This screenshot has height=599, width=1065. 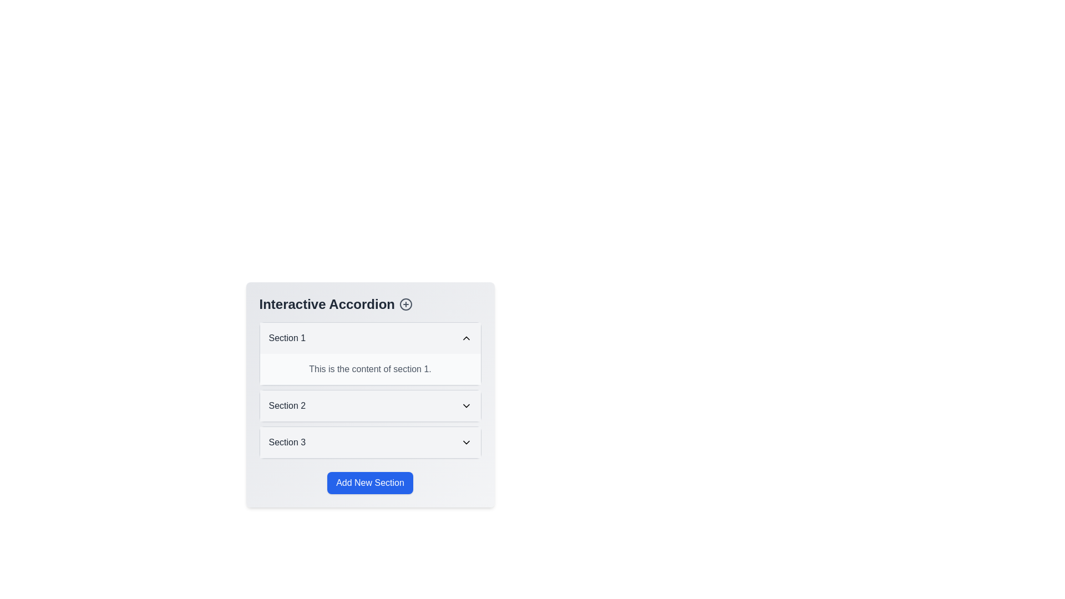 I want to click on the circular icon with a plus sign located next to the 'Interactive Accordion' heading, so click(x=405, y=304).